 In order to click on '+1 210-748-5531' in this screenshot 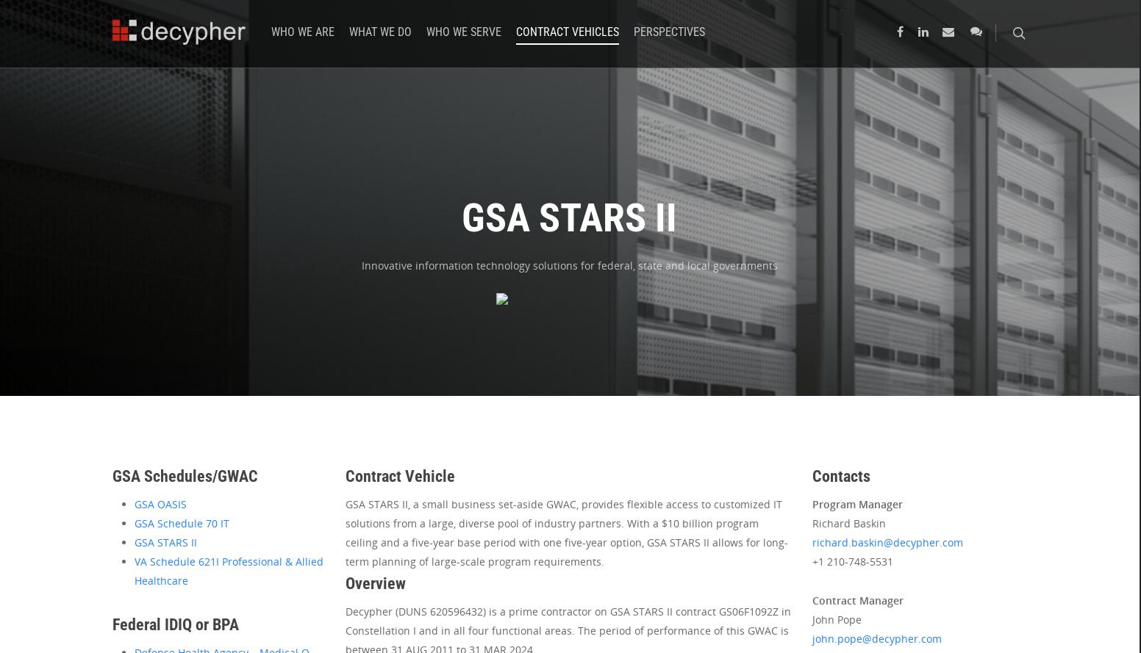, I will do `click(852, 561)`.